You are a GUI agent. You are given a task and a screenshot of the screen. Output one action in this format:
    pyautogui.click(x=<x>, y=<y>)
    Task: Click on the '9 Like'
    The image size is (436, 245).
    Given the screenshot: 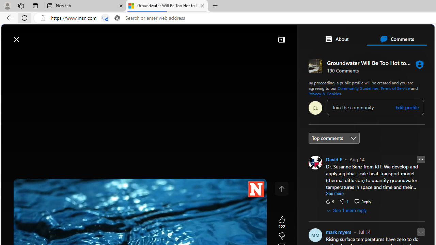 What is the action you would take?
    pyautogui.click(x=329, y=201)
    